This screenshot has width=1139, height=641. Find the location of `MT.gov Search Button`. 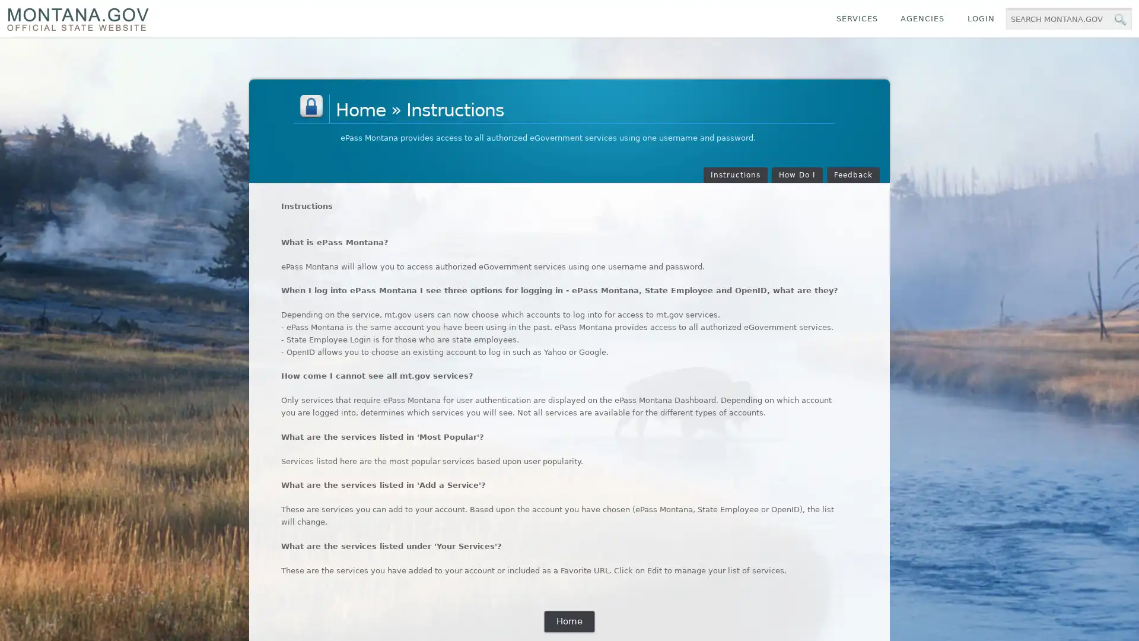

MT.gov Search Button is located at coordinates (1119, 20).